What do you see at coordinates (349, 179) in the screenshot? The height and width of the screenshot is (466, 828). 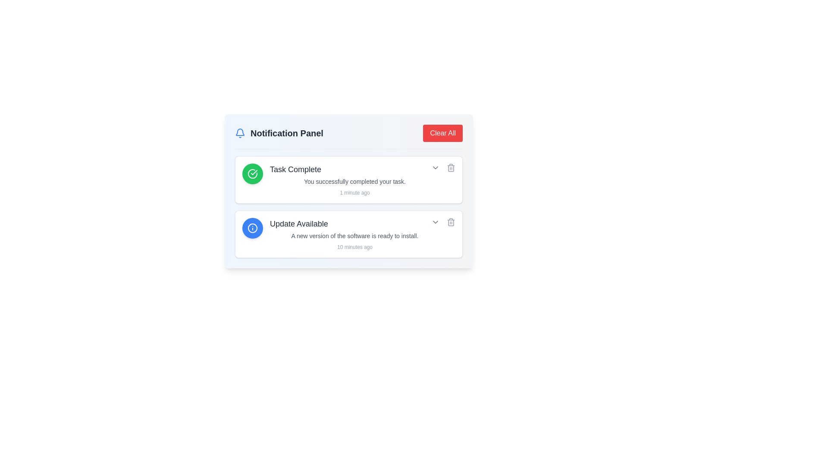 I see `the first notification card in the main notification panel, which provides details about a completed task` at bounding box center [349, 179].